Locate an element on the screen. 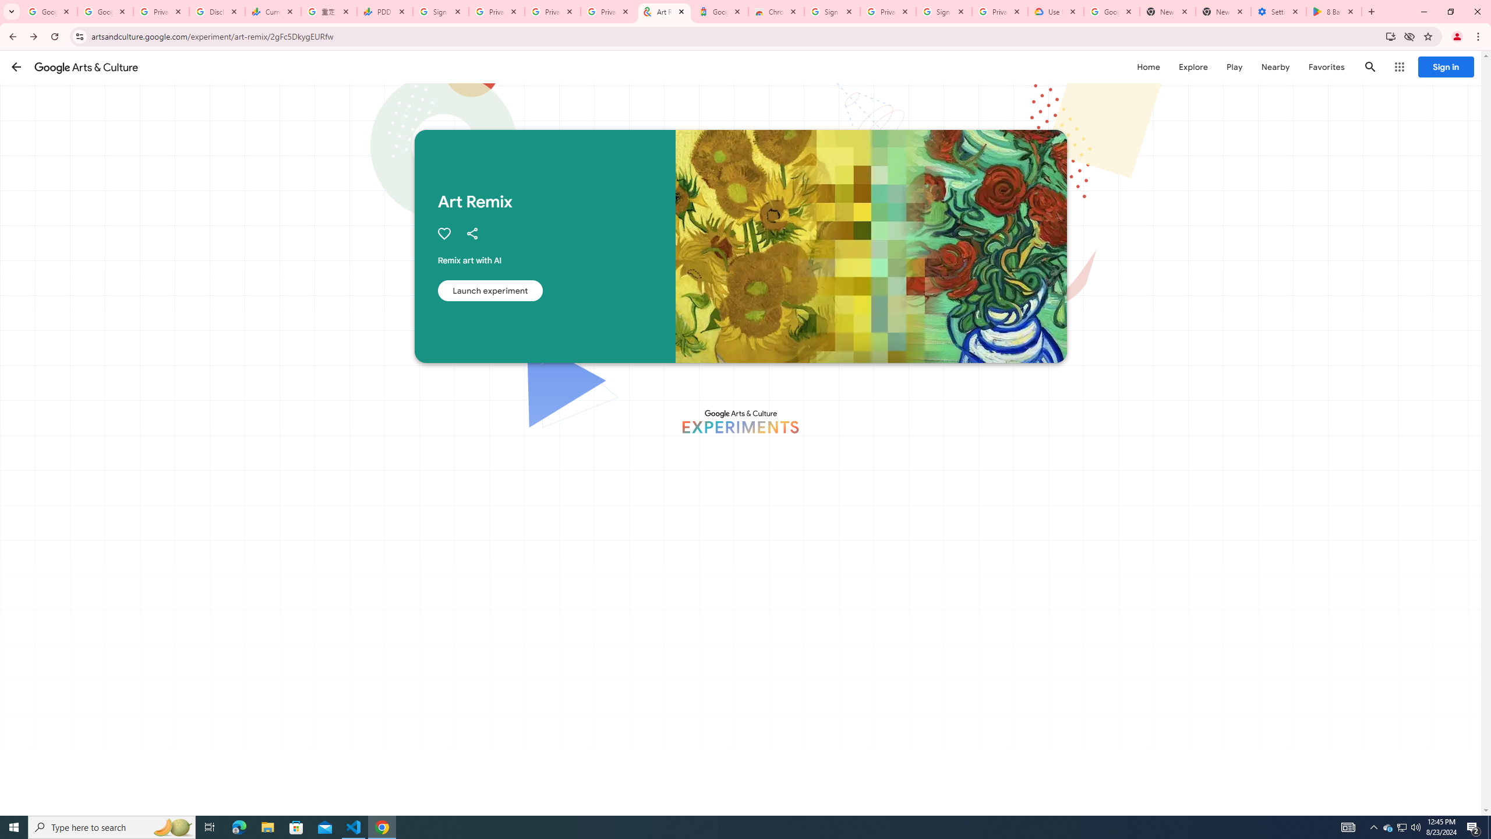 The height and width of the screenshot is (839, 1491). 'Sign in - Google Accounts' is located at coordinates (831, 11).